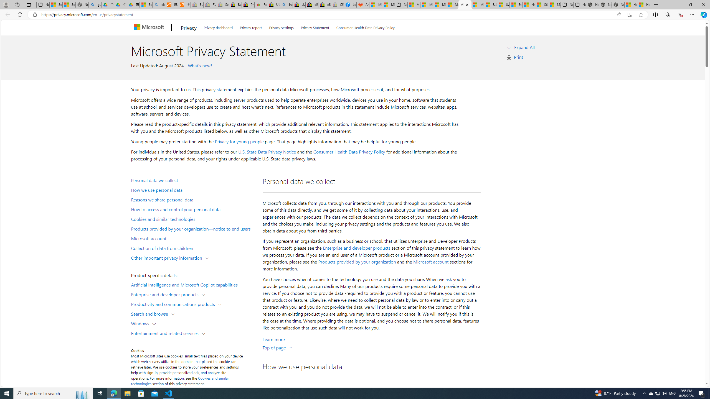 Image resolution: width=710 pixels, height=399 pixels. I want to click on 'Microsoft account | Home', so click(439, 4).